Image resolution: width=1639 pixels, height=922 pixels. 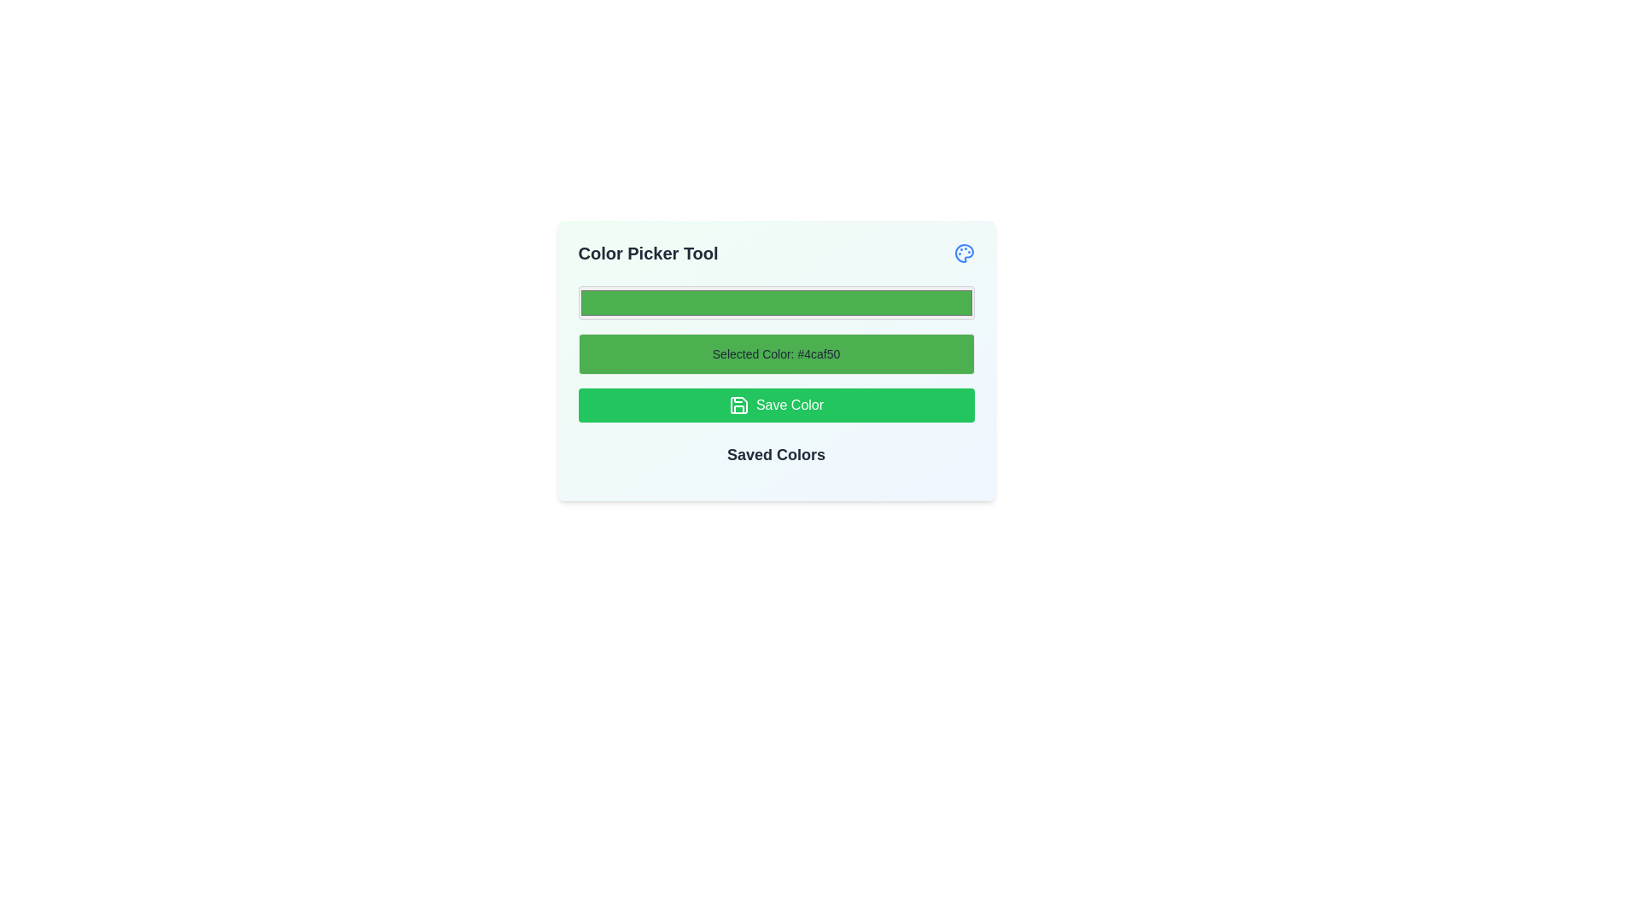 What do you see at coordinates (738, 405) in the screenshot?
I see `the save icon located at the center of the 'Save Color' button in the color picker panel` at bounding box center [738, 405].